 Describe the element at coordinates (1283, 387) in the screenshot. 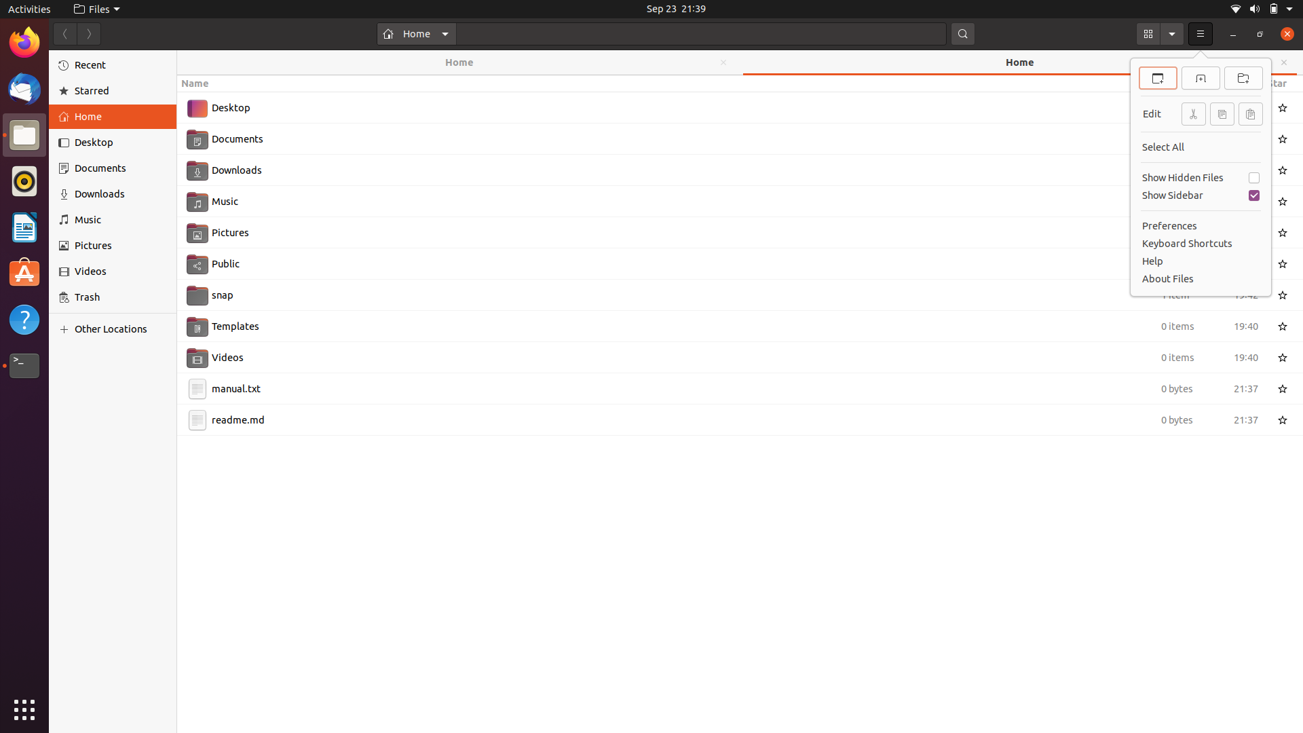

I see `Mark the file named manual.txt as important by clicking the star symbol next to it` at that location.